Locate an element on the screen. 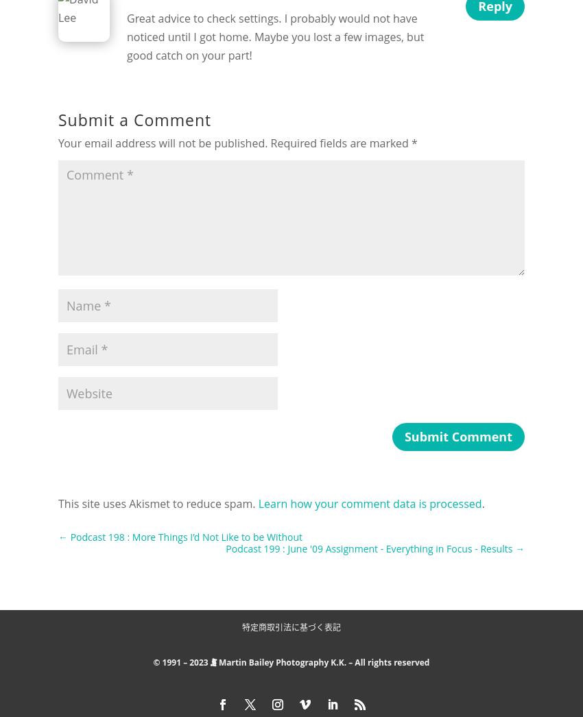  'Podcast 198 : More Things I’d Not Like to be Without' is located at coordinates (185, 535).